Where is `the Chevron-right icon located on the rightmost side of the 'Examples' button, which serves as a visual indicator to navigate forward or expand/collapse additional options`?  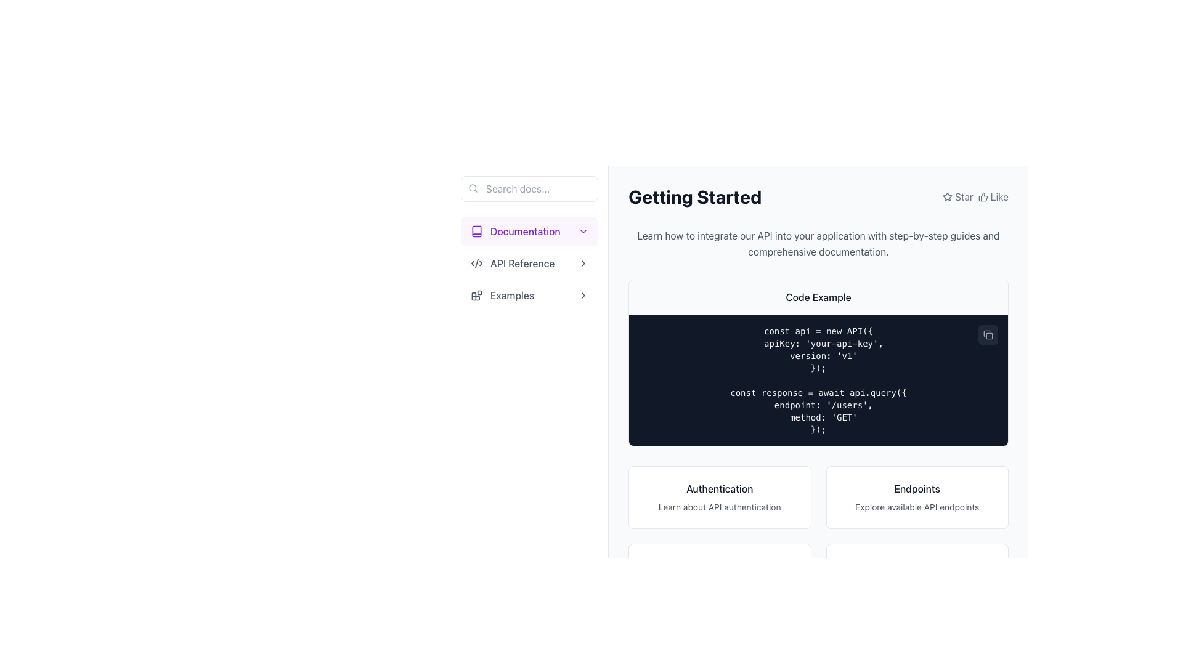 the Chevron-right icon located on the rightmost side of the 'Examples' button, which serves as a visual indicator to navigate forward or expand/collapse additional options is located at coordinates (582, 295).